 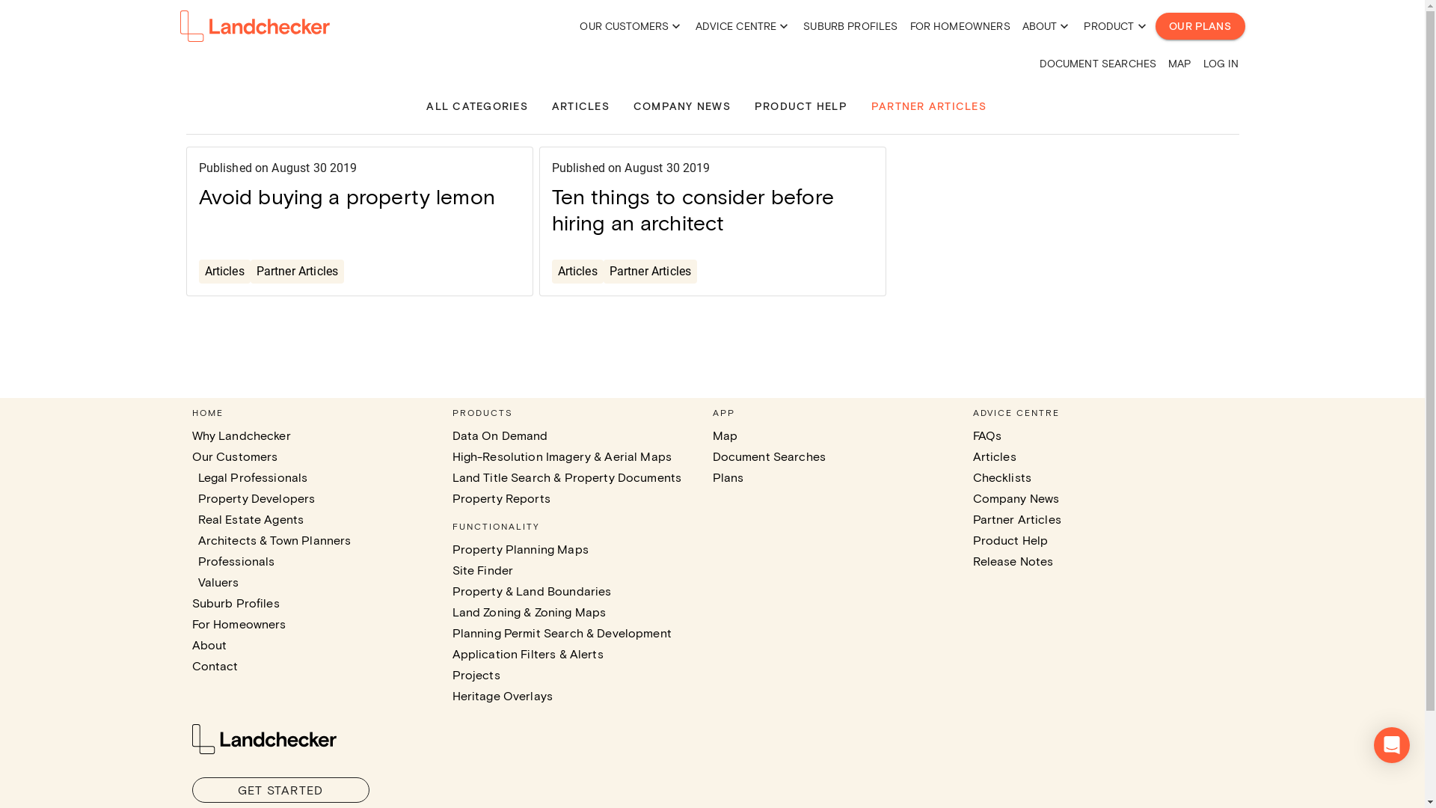 What do you see at coordinates (528, 612) in the screenshot?
I see `'Land Zoning & Zoning Maps'` at bounding box center [528, 612].